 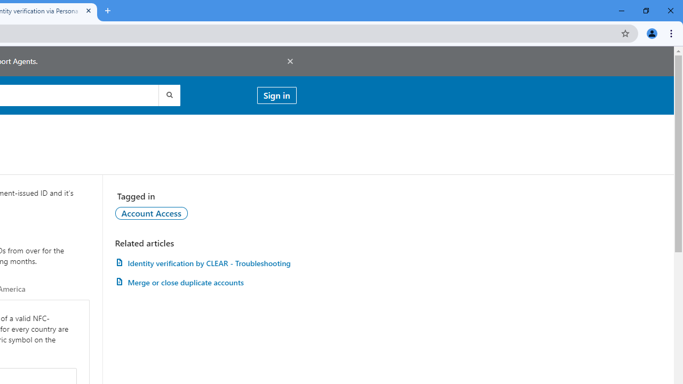 What do you see at coordinates (168, 94) in the screenshot?
I see `'Submit search'` at bounding box center [168, 94].